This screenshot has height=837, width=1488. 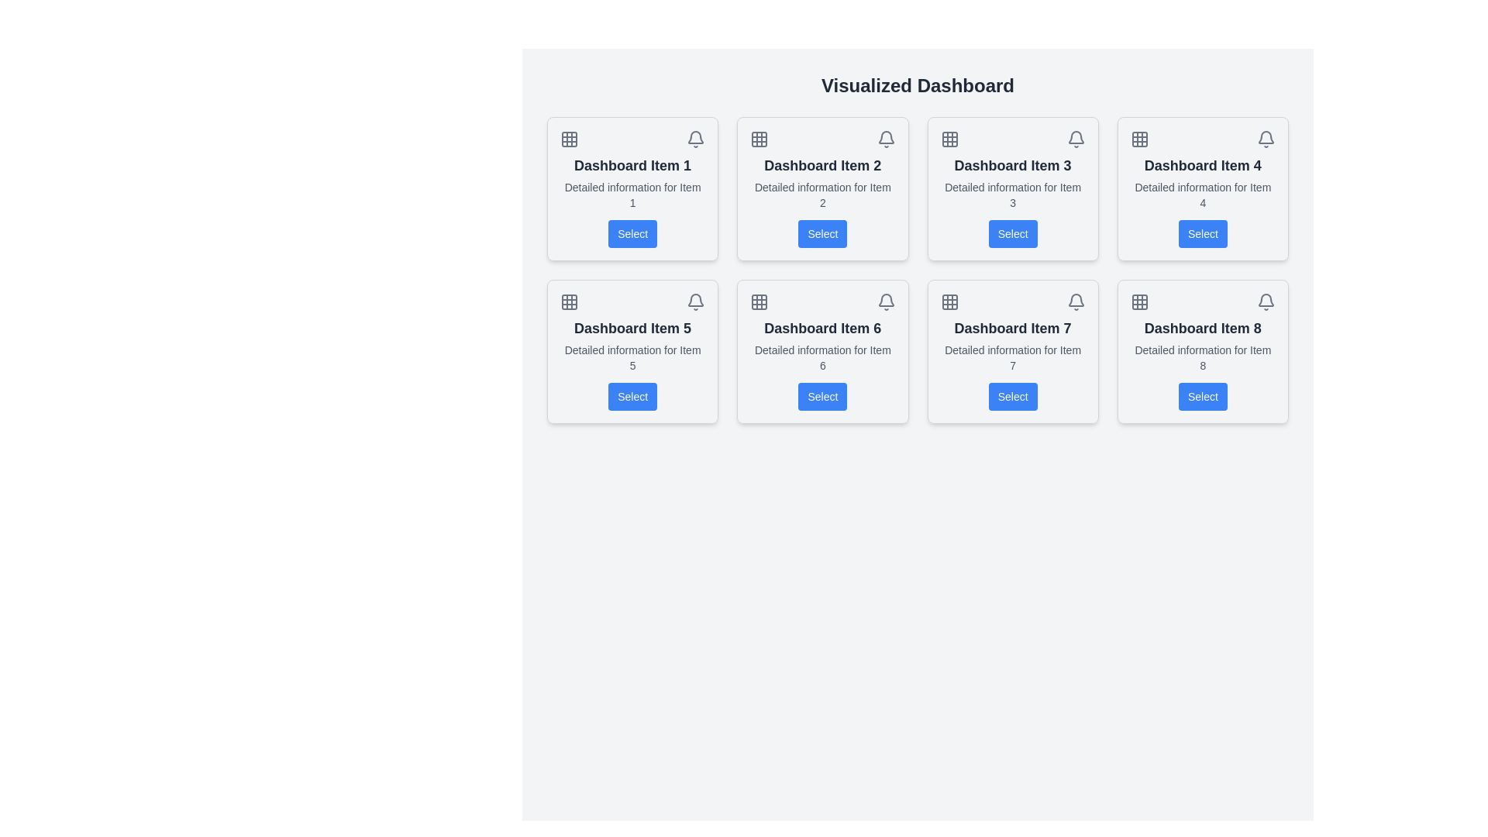 I want to click on the grid-like icon with a 3x3 arrangement of squares, styled in gray and located within 'Dashboard Item 7', so click(x=949, y=301).